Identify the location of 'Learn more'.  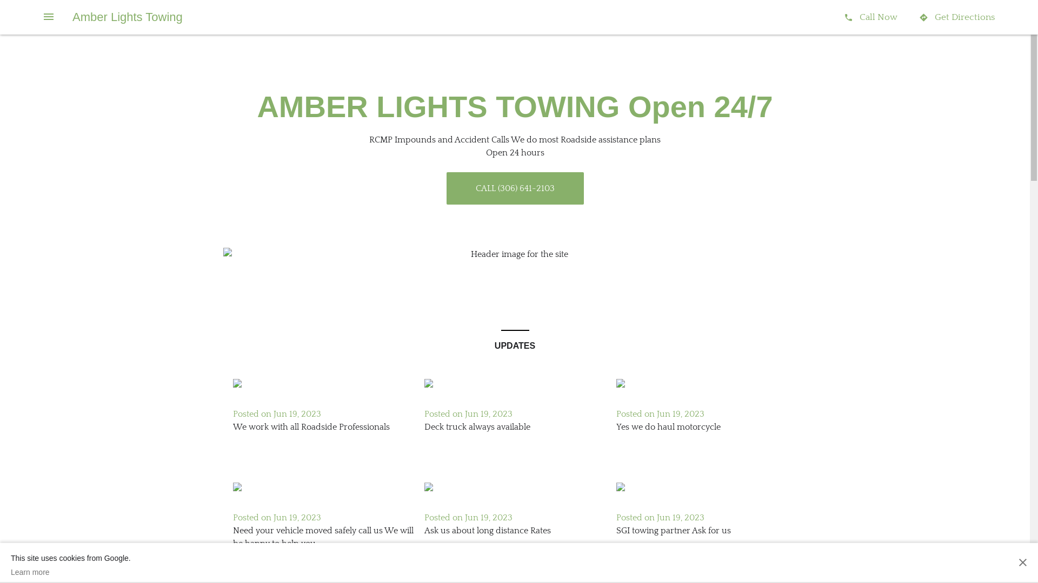
(70, 572).